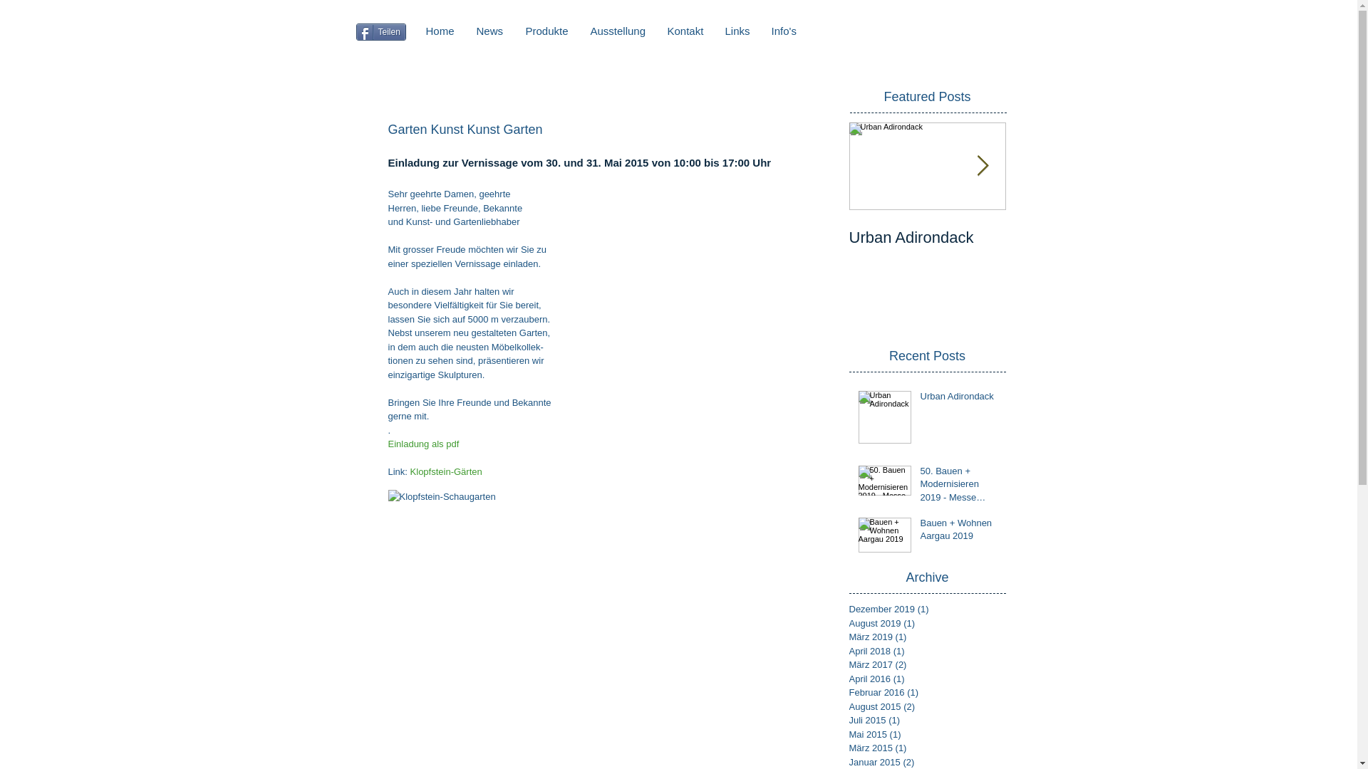 Image resolution: width=1368 pixels, height=769 pixels. Describe the element at coordinates (546, 30) in the screenshot. I see `'Produkte'` at that location.